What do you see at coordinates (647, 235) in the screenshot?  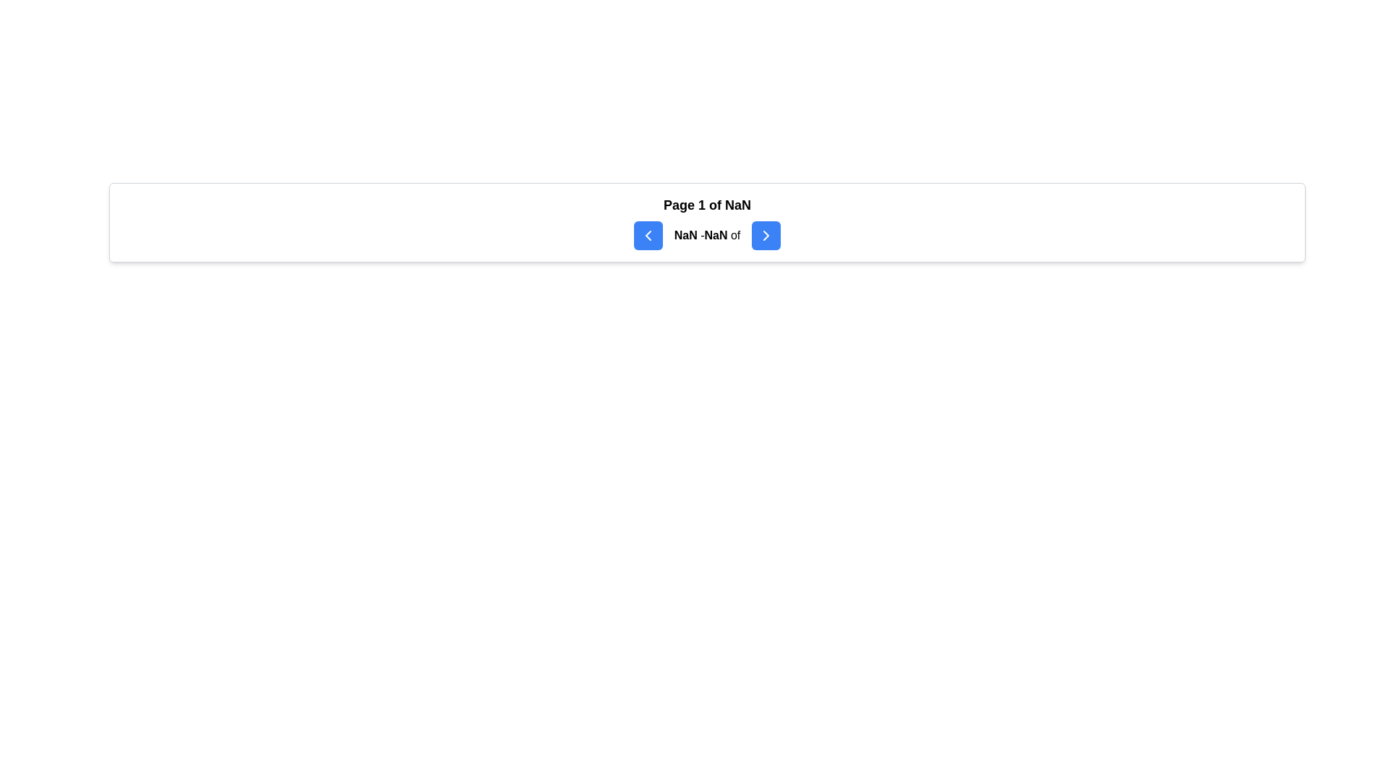 I see `the blue circular button containing the left-pointing chevron icon located at the middle of the top section of the interface` at bounding box center [647, 235].